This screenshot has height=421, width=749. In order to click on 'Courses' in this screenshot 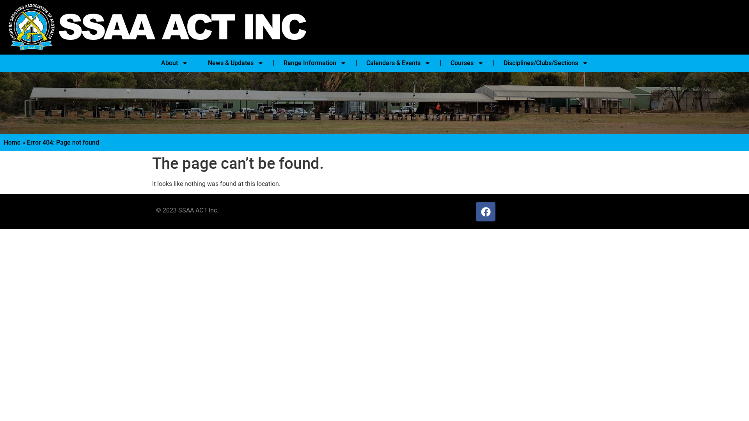, I will do `click(467, 63)`.